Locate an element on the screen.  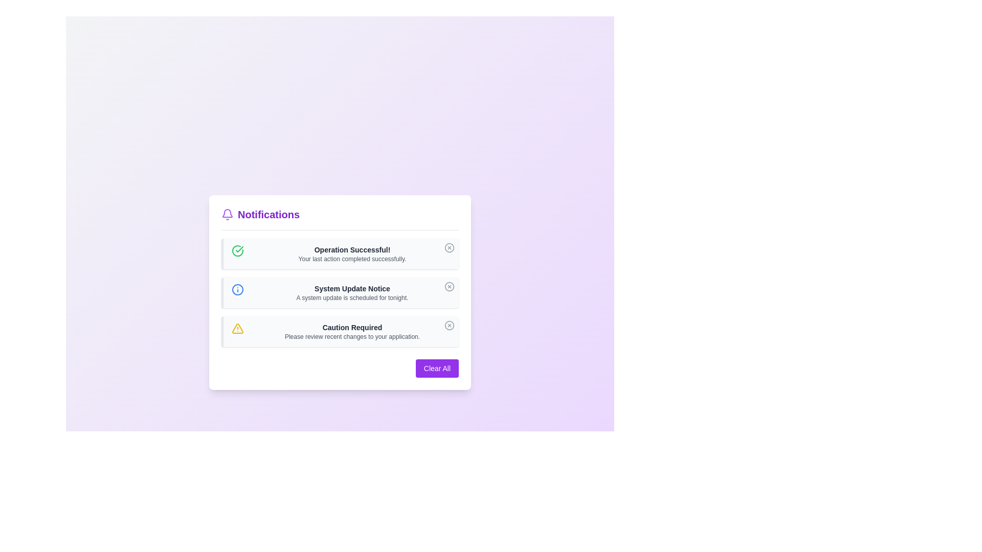
the blue circular information icon with an 'i' symbol located in the 'System Update Notice' notification card, positioned to the left of the notification text is located at coordinates (237, 289).